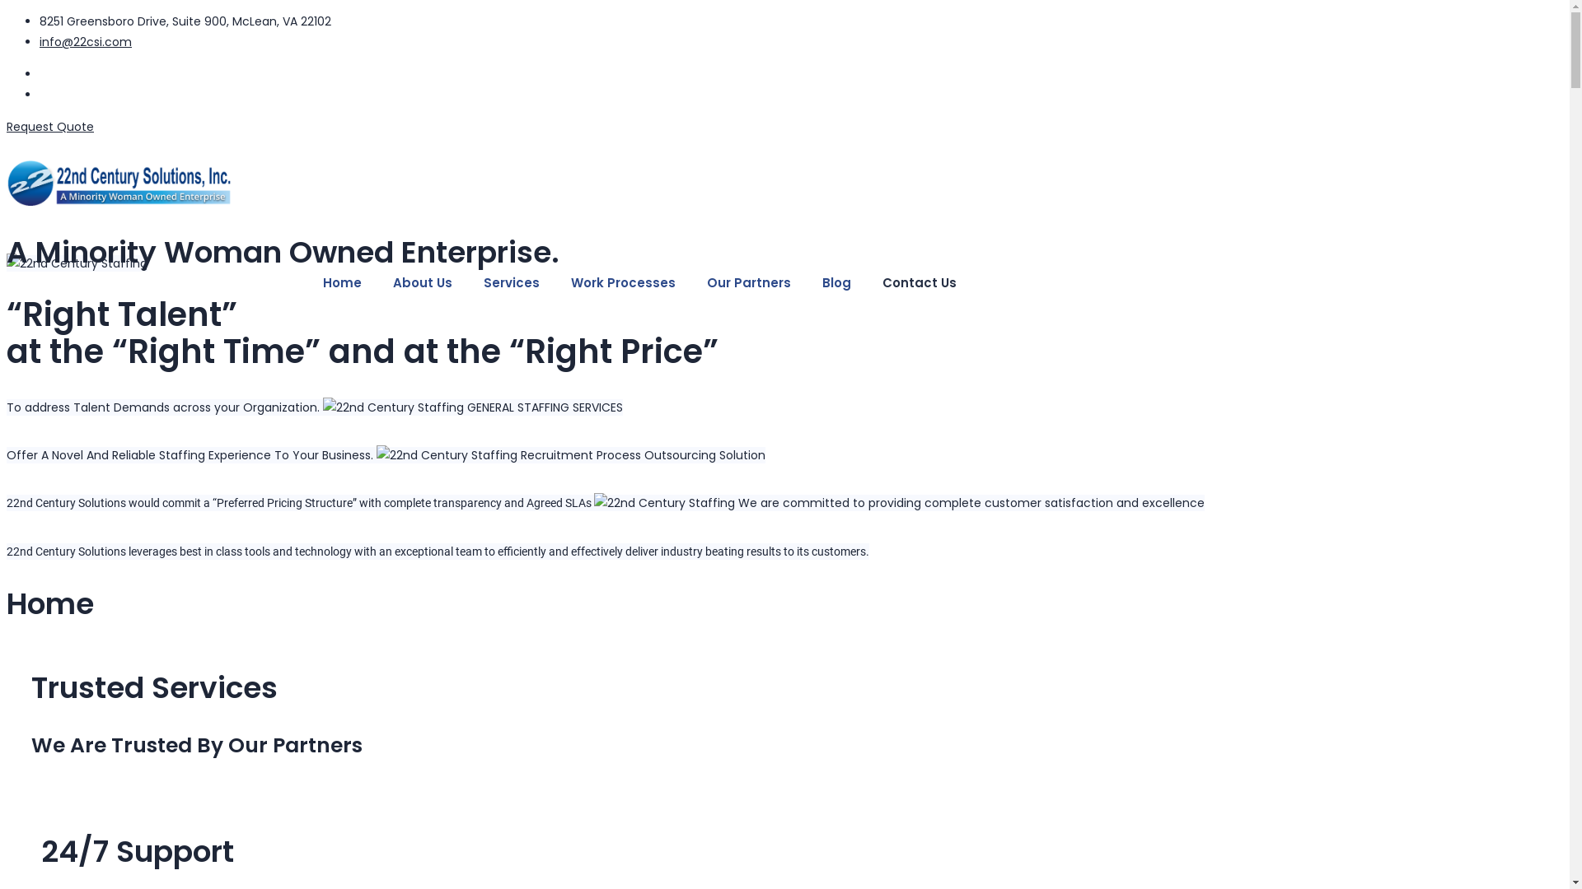 This screenshot has height=889, width=1582. Describe the element at coordinates (50, 126) in the screenshot. I see `'Request Quote'` at that location.